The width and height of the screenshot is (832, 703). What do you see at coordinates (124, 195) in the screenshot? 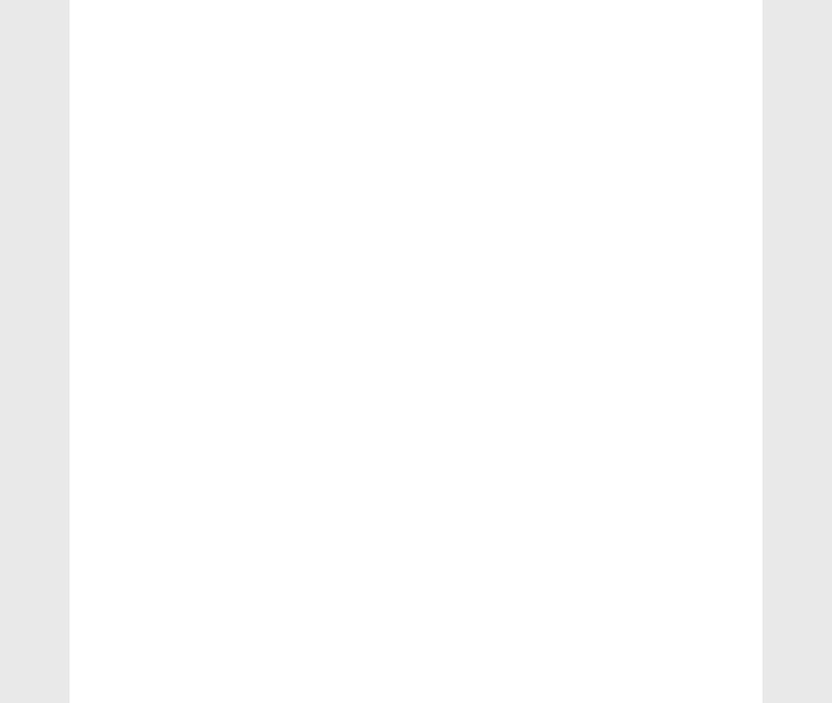
I see `'physics'` at bounding box center [124, 195].